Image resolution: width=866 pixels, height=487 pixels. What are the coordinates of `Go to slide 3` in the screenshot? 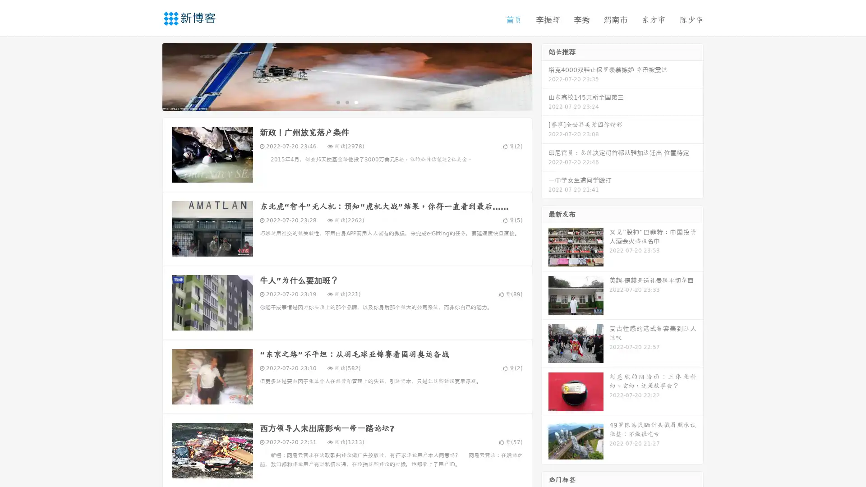 It's located at (356, 101).